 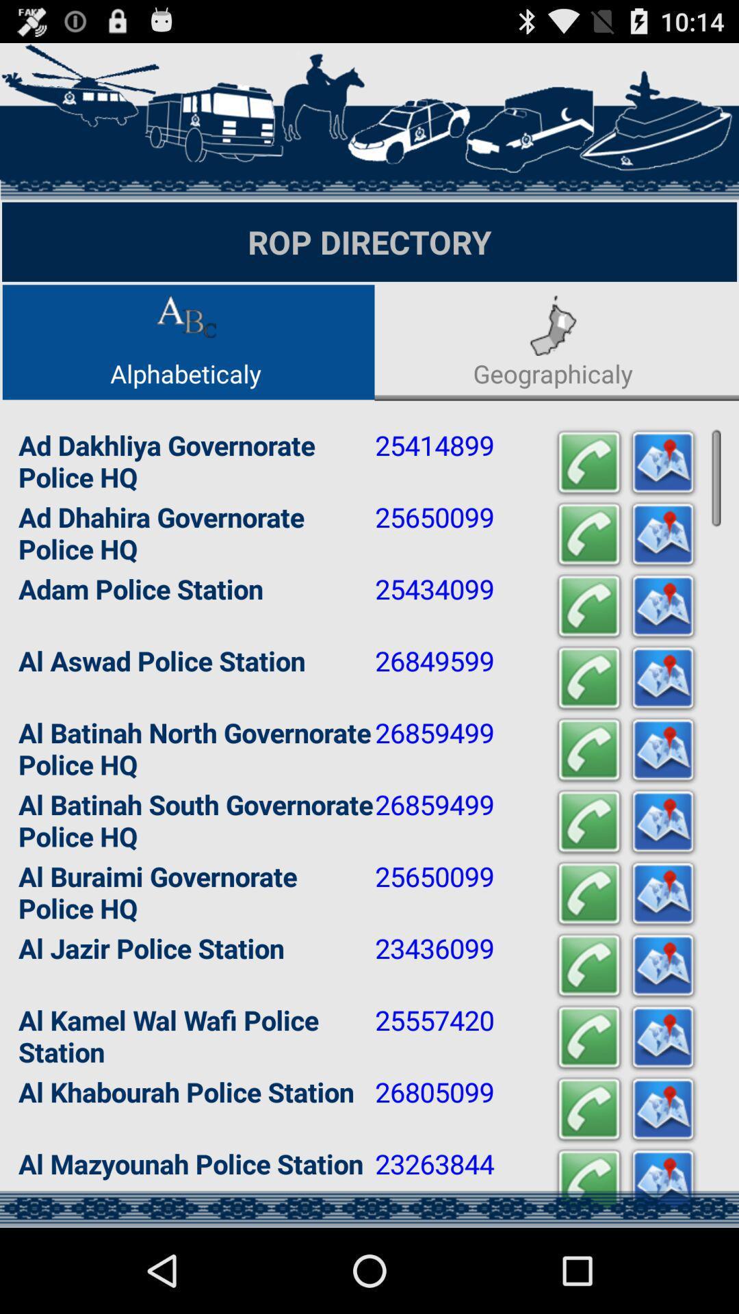 What do you see at coordinates (662, 678) in the screenshot?
I see `the bookmark` at bounding box center [662, 678].